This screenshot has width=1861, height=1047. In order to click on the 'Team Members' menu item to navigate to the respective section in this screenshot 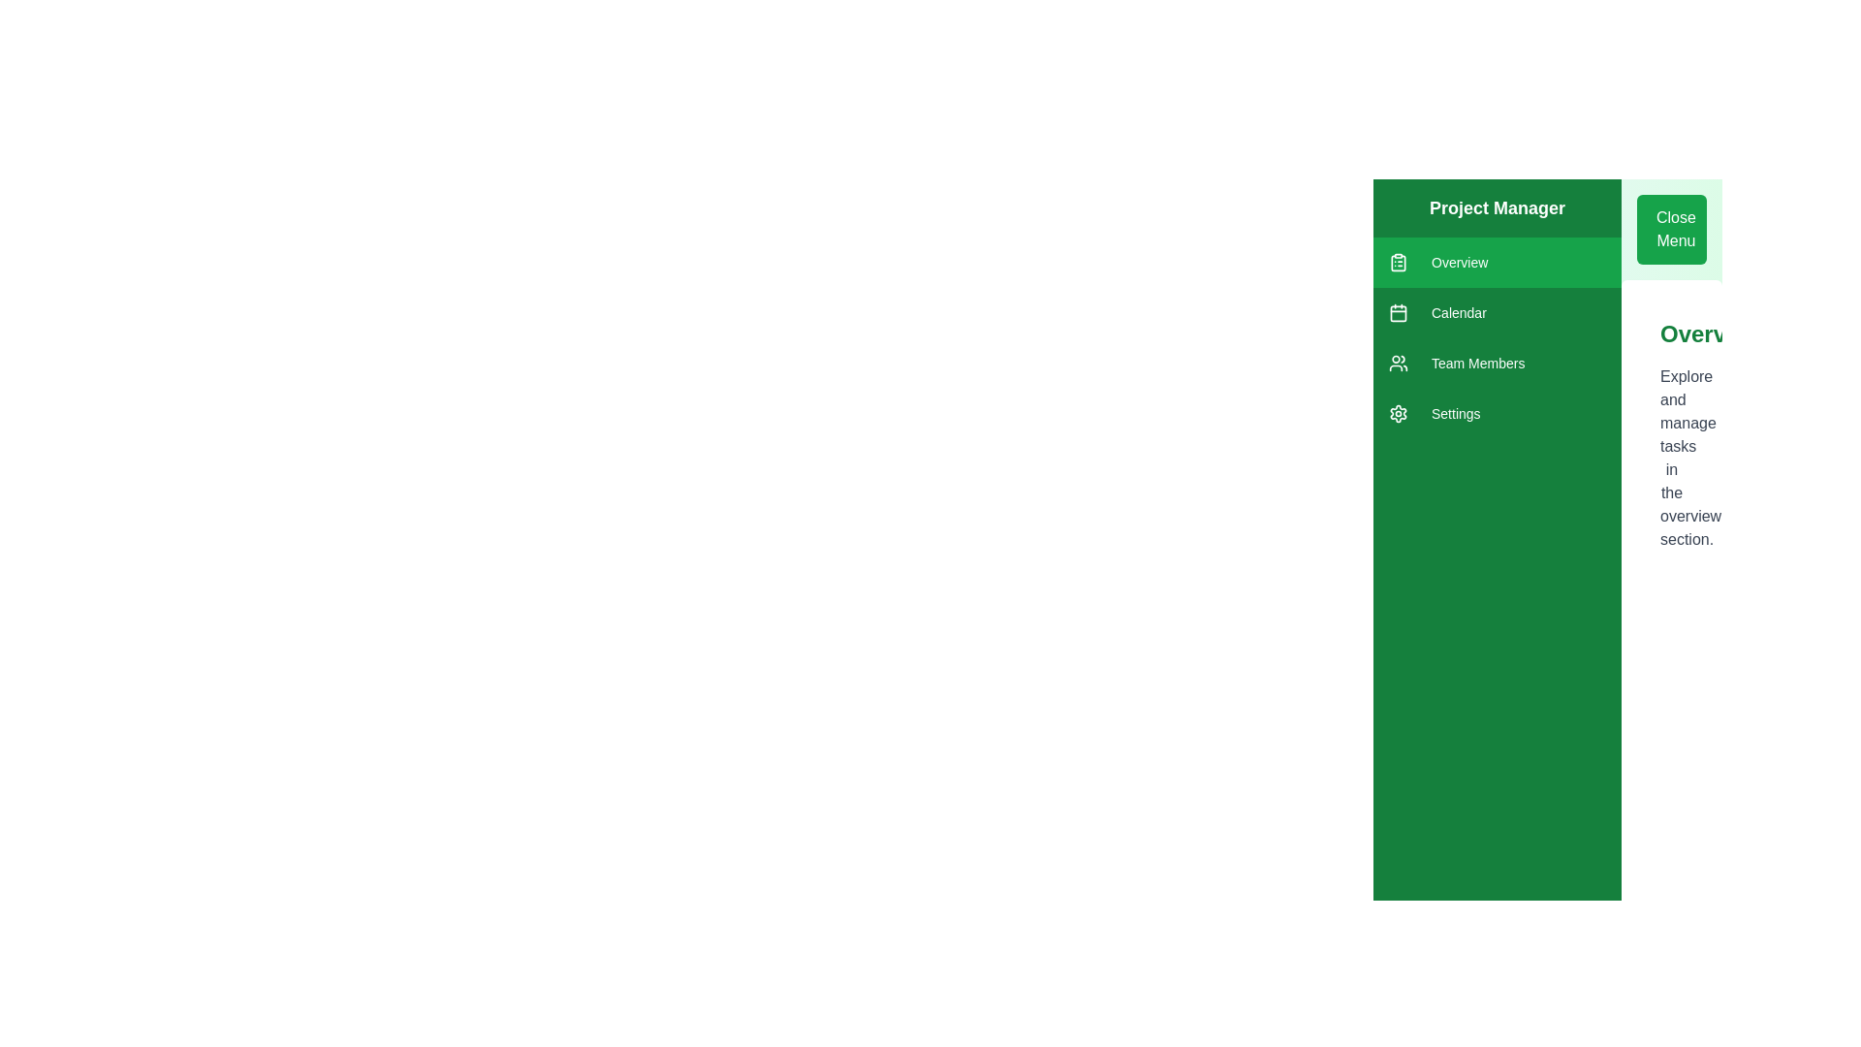, I will do `click(1497, 363)`.